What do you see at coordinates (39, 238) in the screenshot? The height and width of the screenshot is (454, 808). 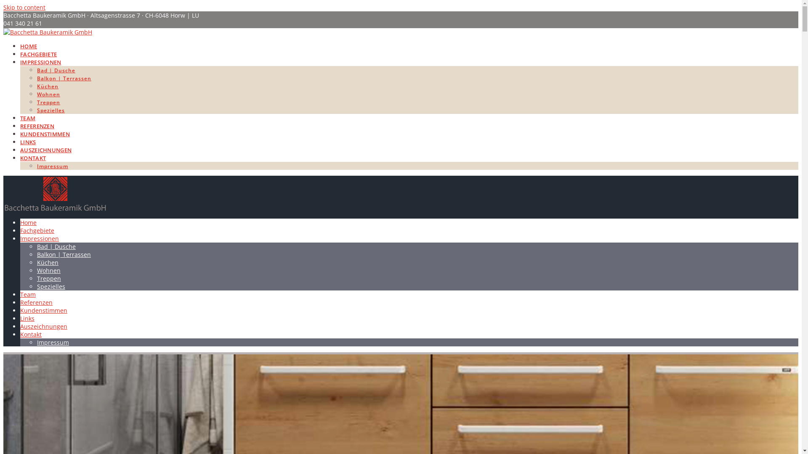 I see `'Impressionen'` at bounding box center [39, 238].